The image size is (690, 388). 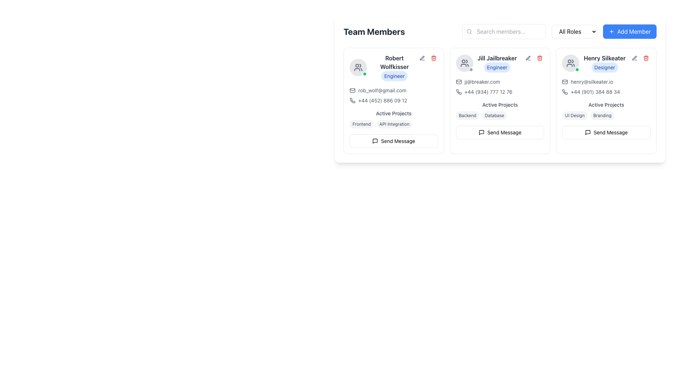 What do you see at coordinates (352, 90) in the screenshot?
I see `the SVG rectangle that represents the email icon` at bounding box center [352, 90].